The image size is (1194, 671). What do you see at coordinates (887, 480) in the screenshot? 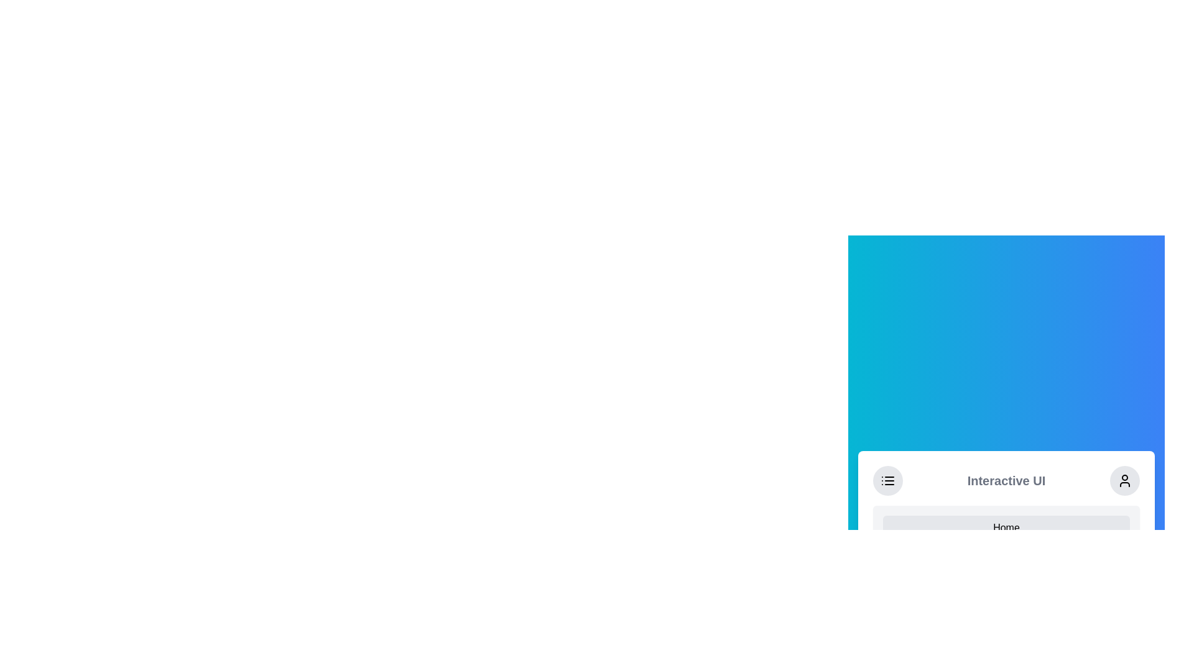
I see `the first circular button with a light gray background and a three-line menu icon` at bounding box center [887, 480].